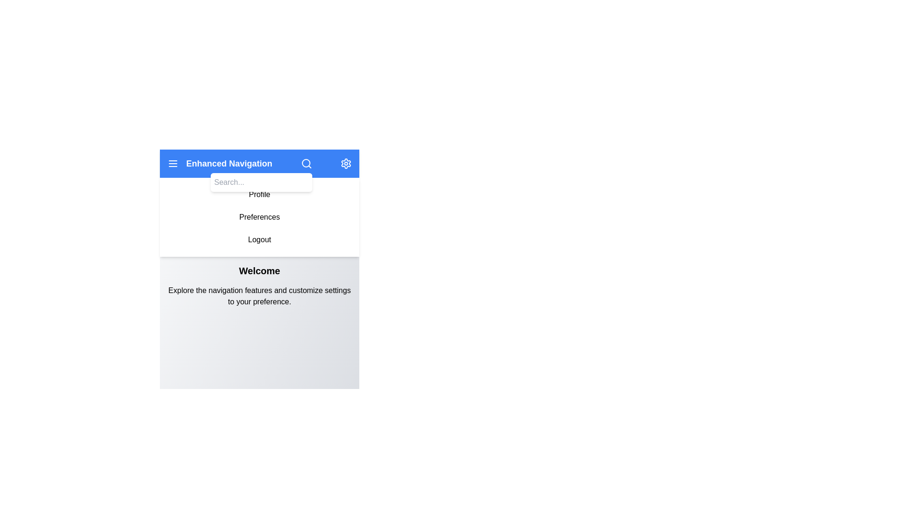 Image resolution: width=903 pixels, height=508 pixels. Describe the element at coordinates (345, 163) in the screenshot. I see `the settings icon to toggle the settings menu` at that location.